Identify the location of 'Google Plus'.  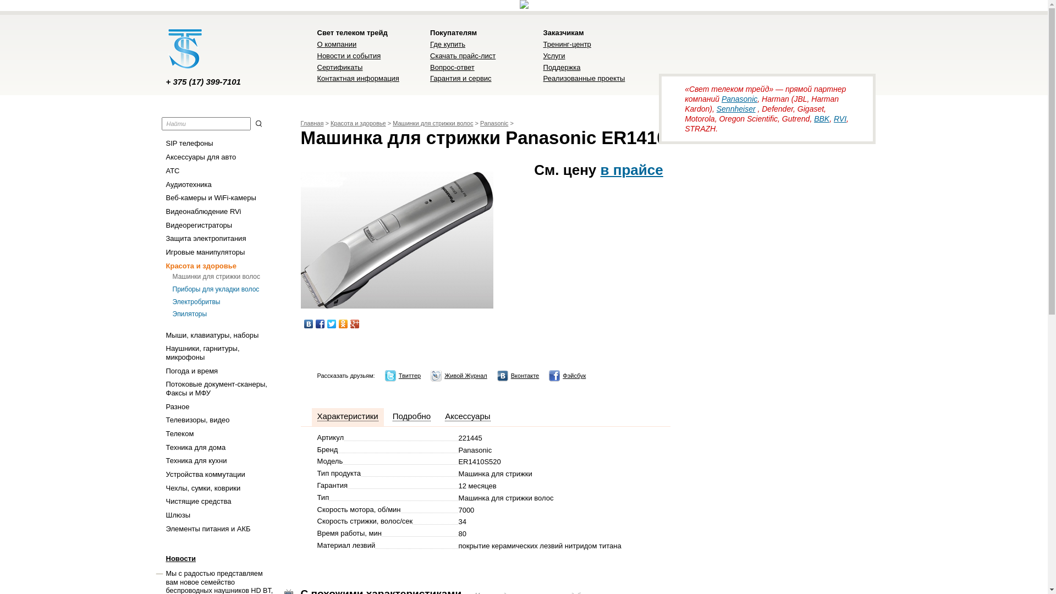
(354, 323).